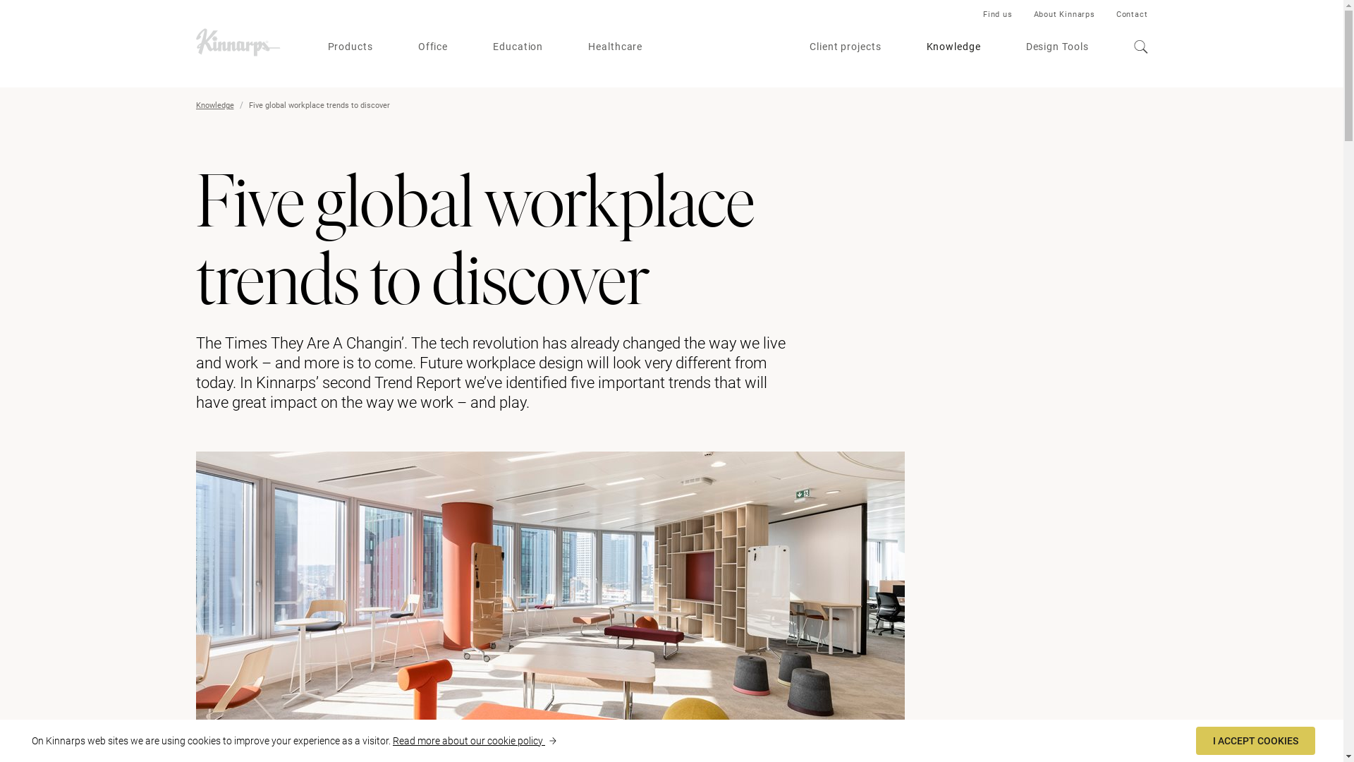 The width and height of the screenshot is (1354, 762). Describe the element at coordinates (1116, 14) in the screenshot. I see `'Contact'` at that location.